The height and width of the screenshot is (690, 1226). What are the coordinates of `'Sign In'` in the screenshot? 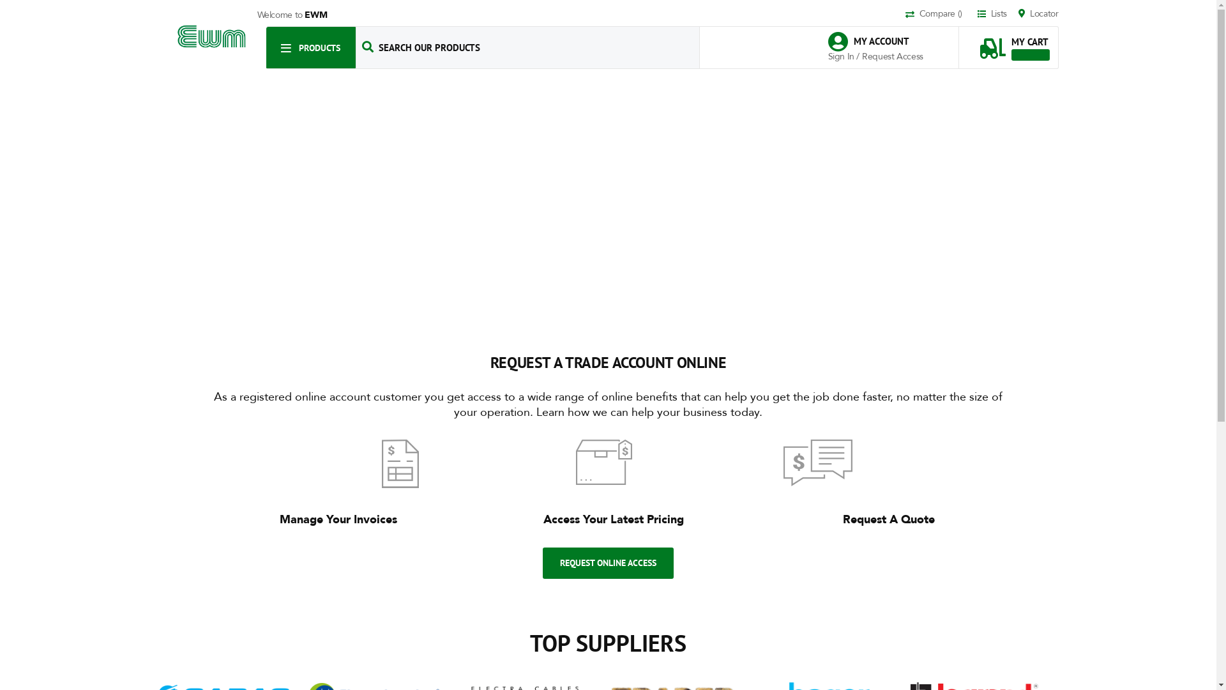 It's located at (842, 56).